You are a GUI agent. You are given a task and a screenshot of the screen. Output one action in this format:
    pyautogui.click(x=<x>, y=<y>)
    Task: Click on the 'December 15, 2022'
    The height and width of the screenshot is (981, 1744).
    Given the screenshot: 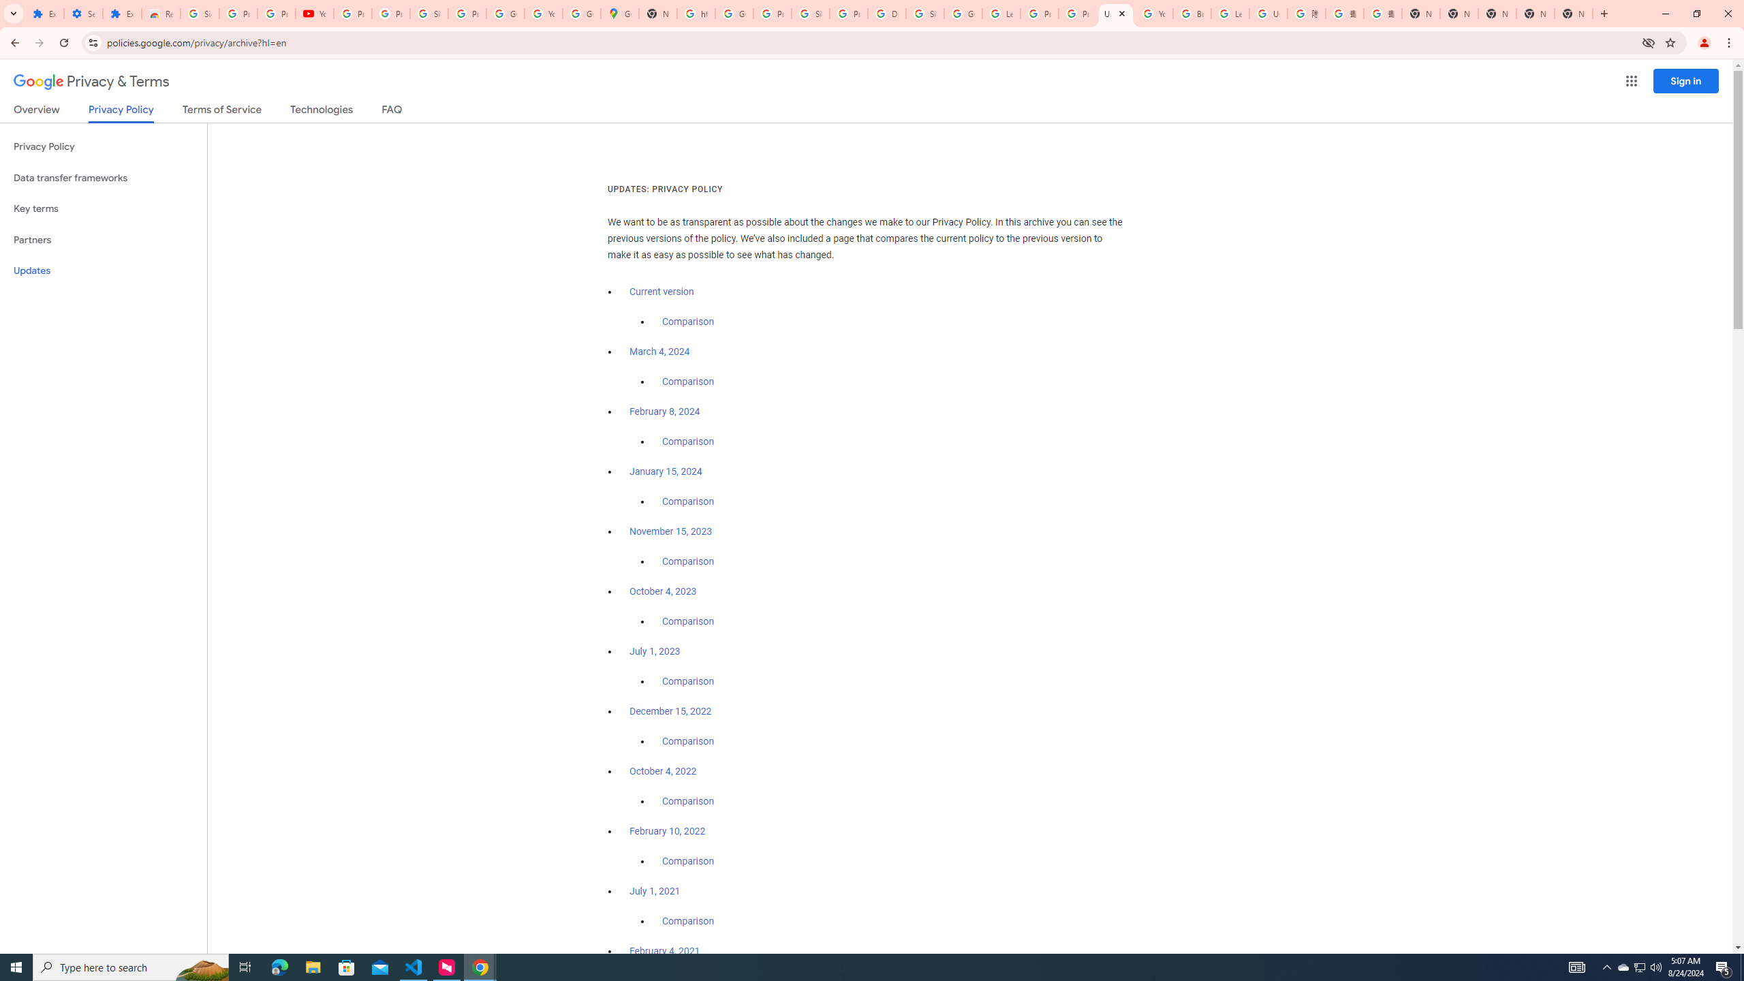 What is the action you would take?
    pyautogui.click(x=670, y=711)
    